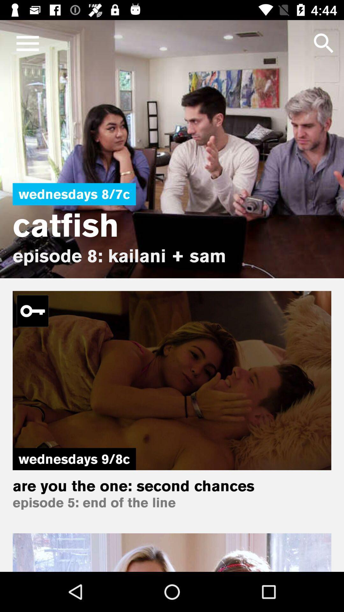 The image size is (344, 612). What do you see at coordinates (172, 552) in the screenshot?
I see `third thumbnail` at bounding box center [172, 552].